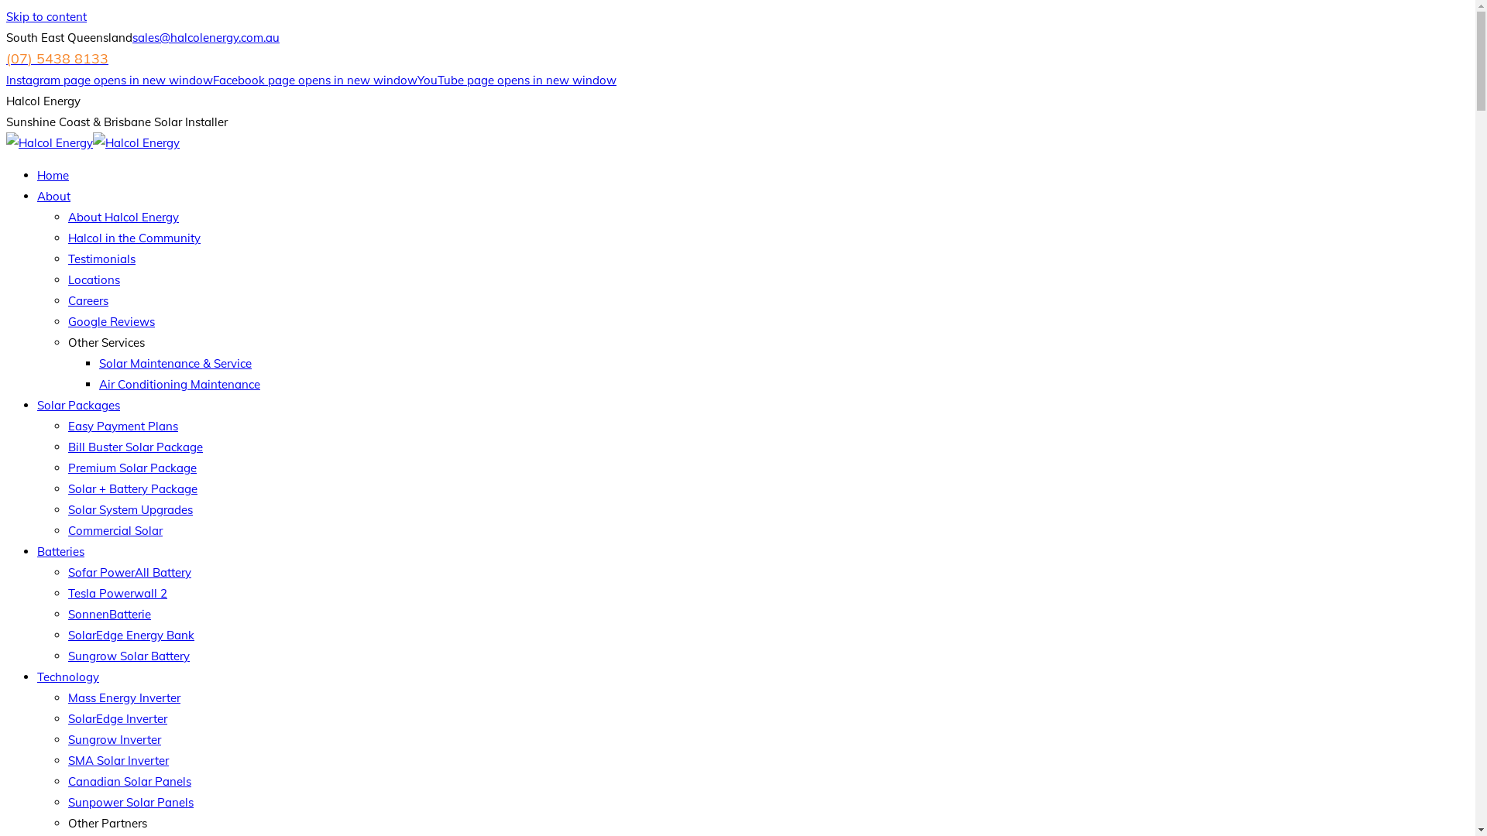  What do you see at coordinates (129, 781) in the screenshot?
I see `'Canadian Solar Panels'` at bounding box center [129, 781].